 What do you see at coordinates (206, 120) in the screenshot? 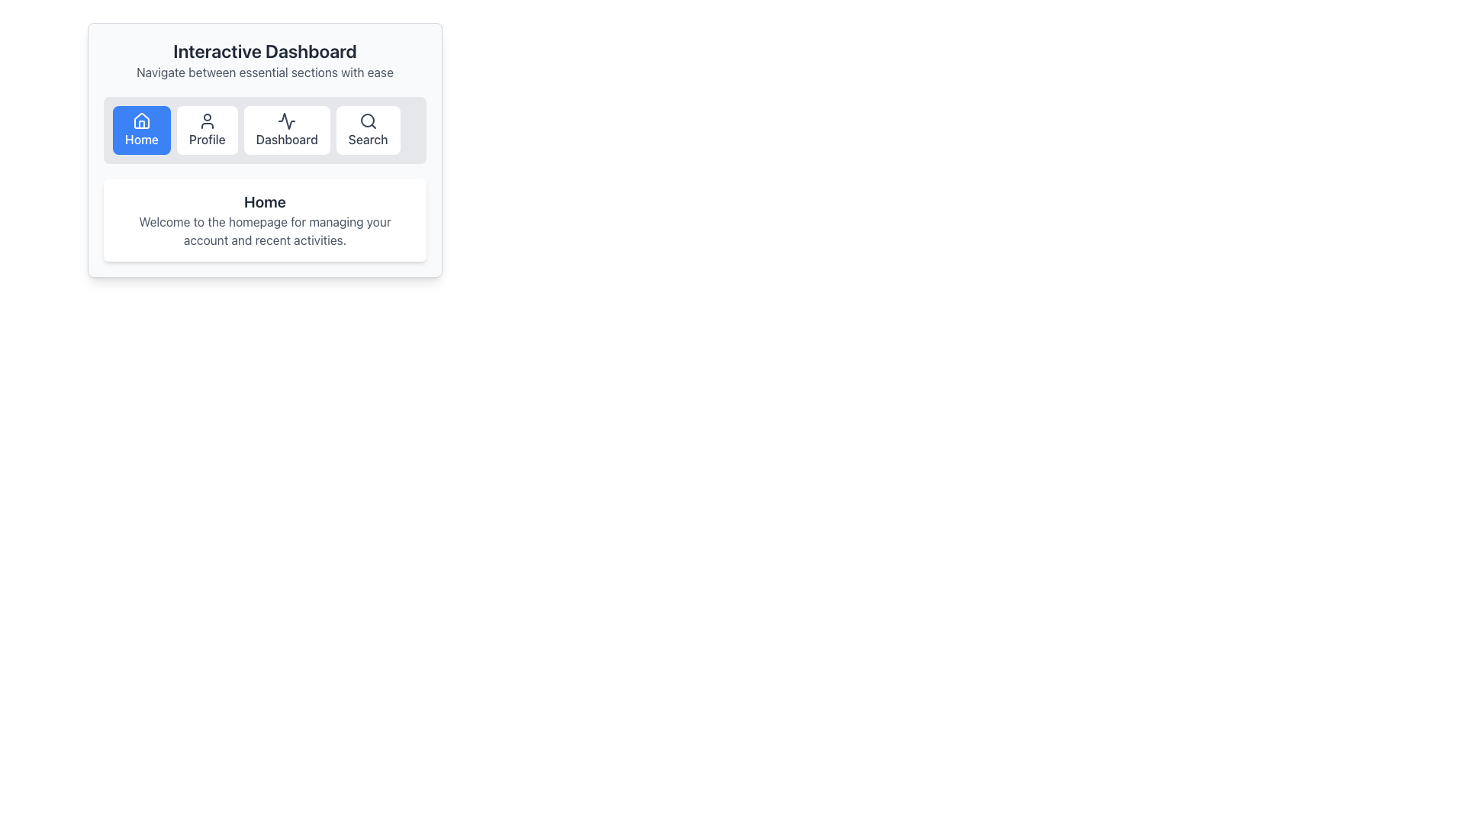
I see `the user profile icon, which is a circular head with a curved base, located in the navigation section labeled 'Profile' in the interactive dashboard` at bounding box center [206, 120].